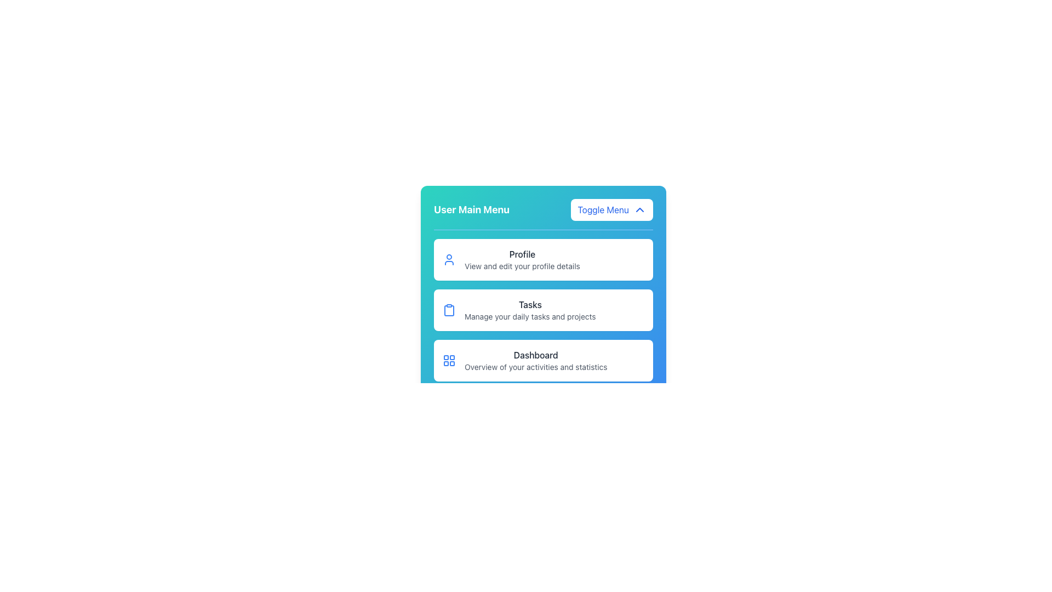 The image size is (1052, 592). Describe the element at coordinates (522, 260) in the screenshot. I see `the Menu item for accessing and editing user profile details, located centered within the first menu card below 'User Main Menu'` at that location.